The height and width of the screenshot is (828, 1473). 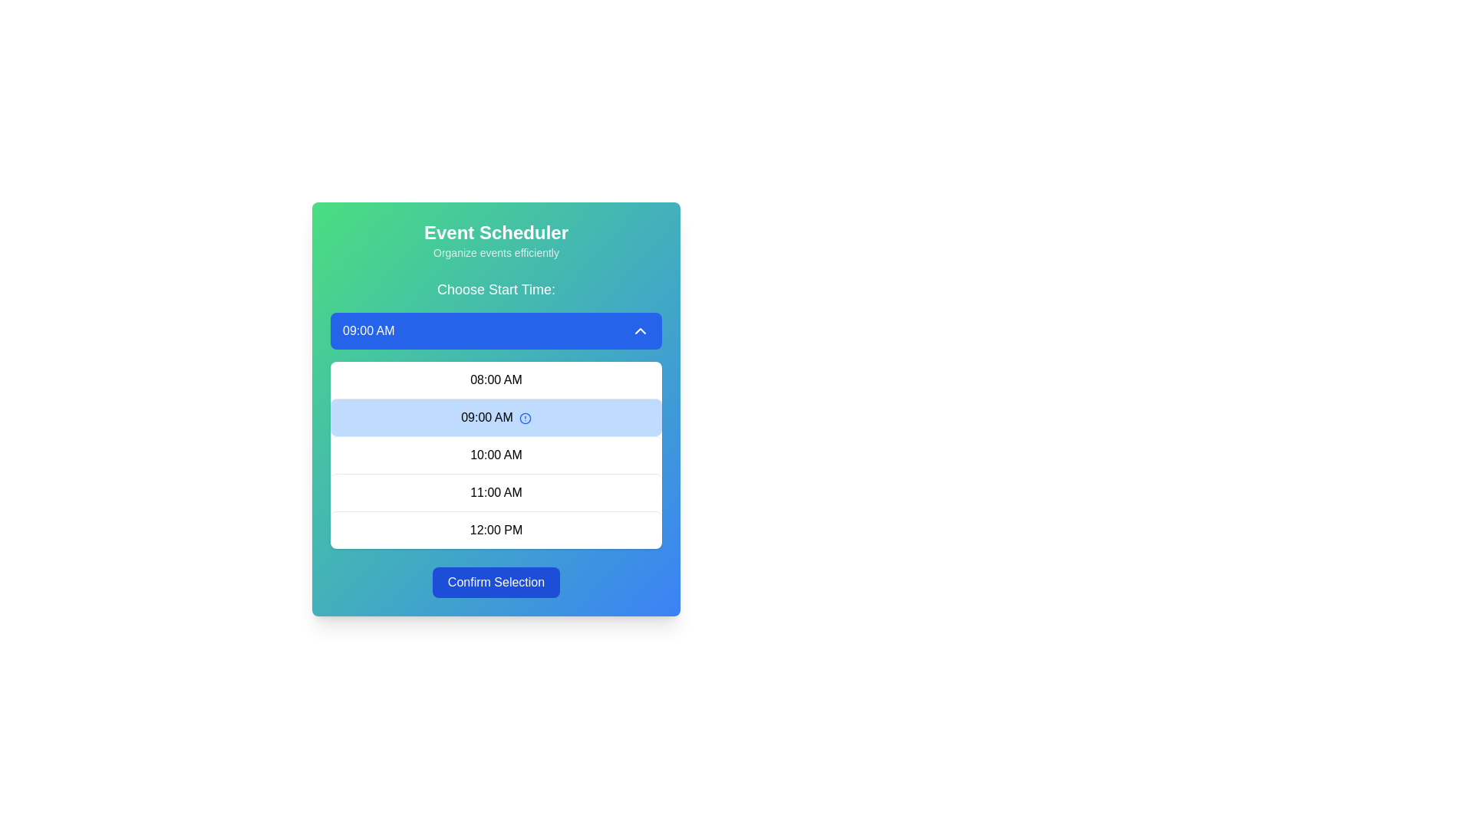 I want to click on the selectable time slot '12:00 PM' at the bottom of the dropdown menu, so click(x=496, y=528).